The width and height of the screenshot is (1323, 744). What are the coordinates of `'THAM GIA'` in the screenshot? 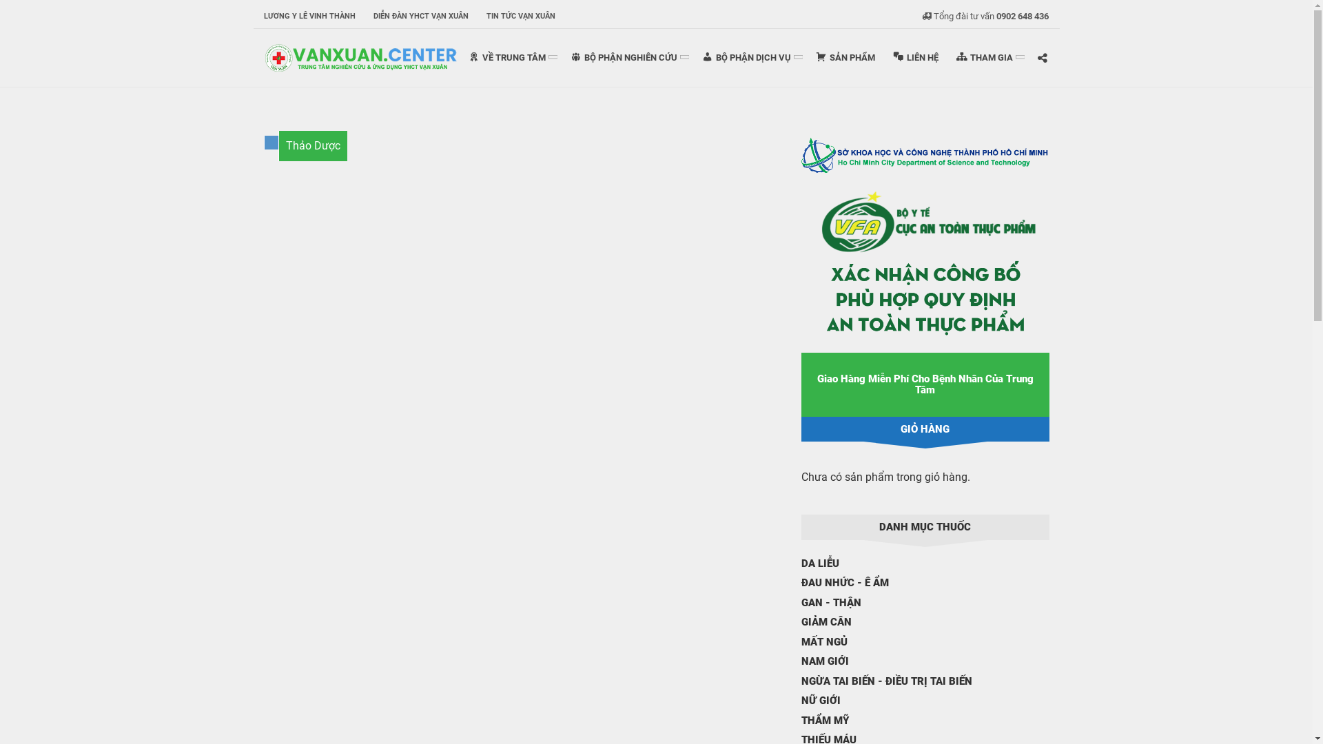 It's located at (946, 56).